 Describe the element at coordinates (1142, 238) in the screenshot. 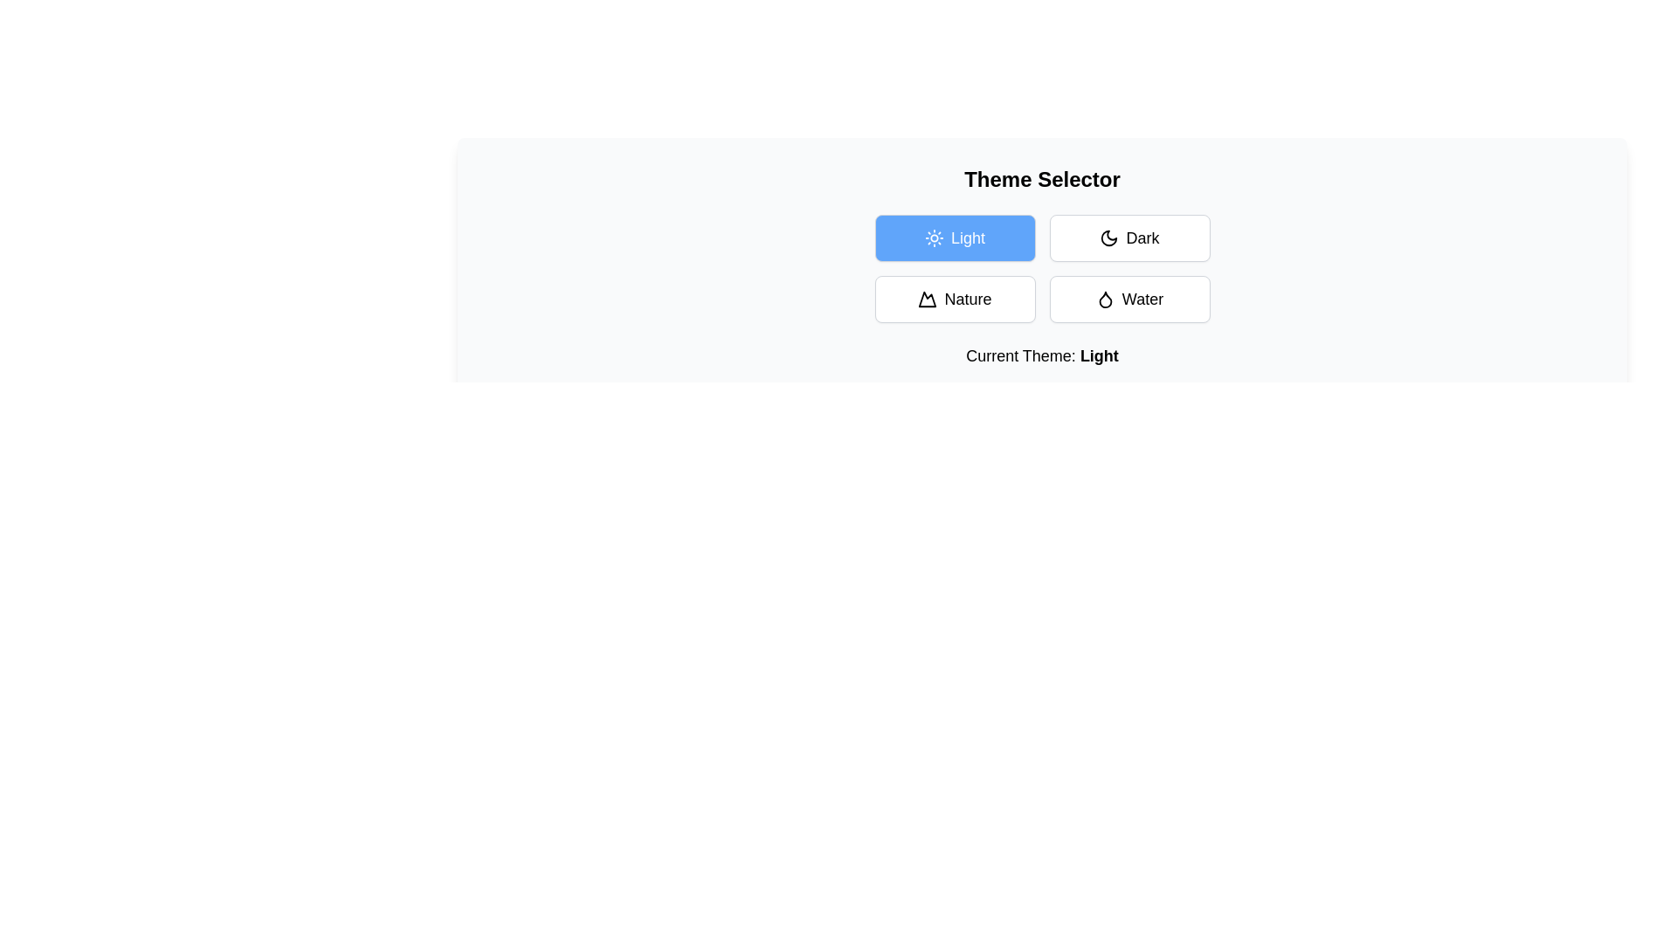

I see `the static text label 'Dark' which indicates the option to select a dark theme in the user interface, positioned inside a button next to the 'Light' button` at that location.